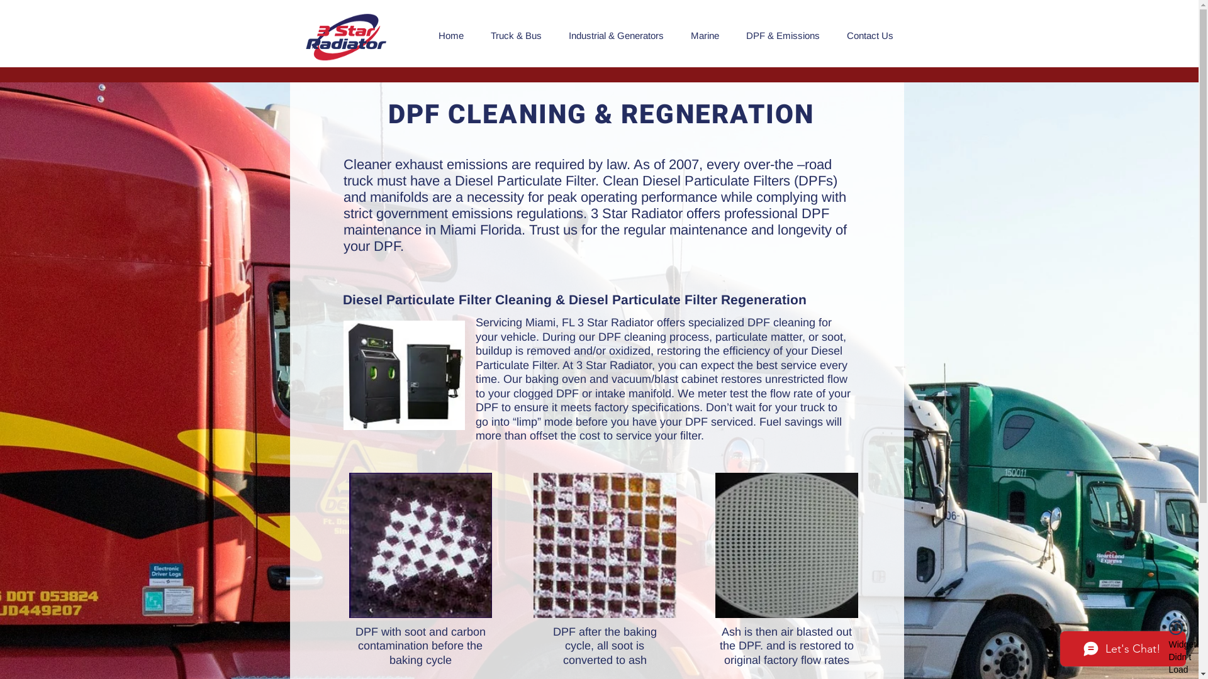 The image size is (1208, 679). I want to click on 'Marine', so click(703, 35).